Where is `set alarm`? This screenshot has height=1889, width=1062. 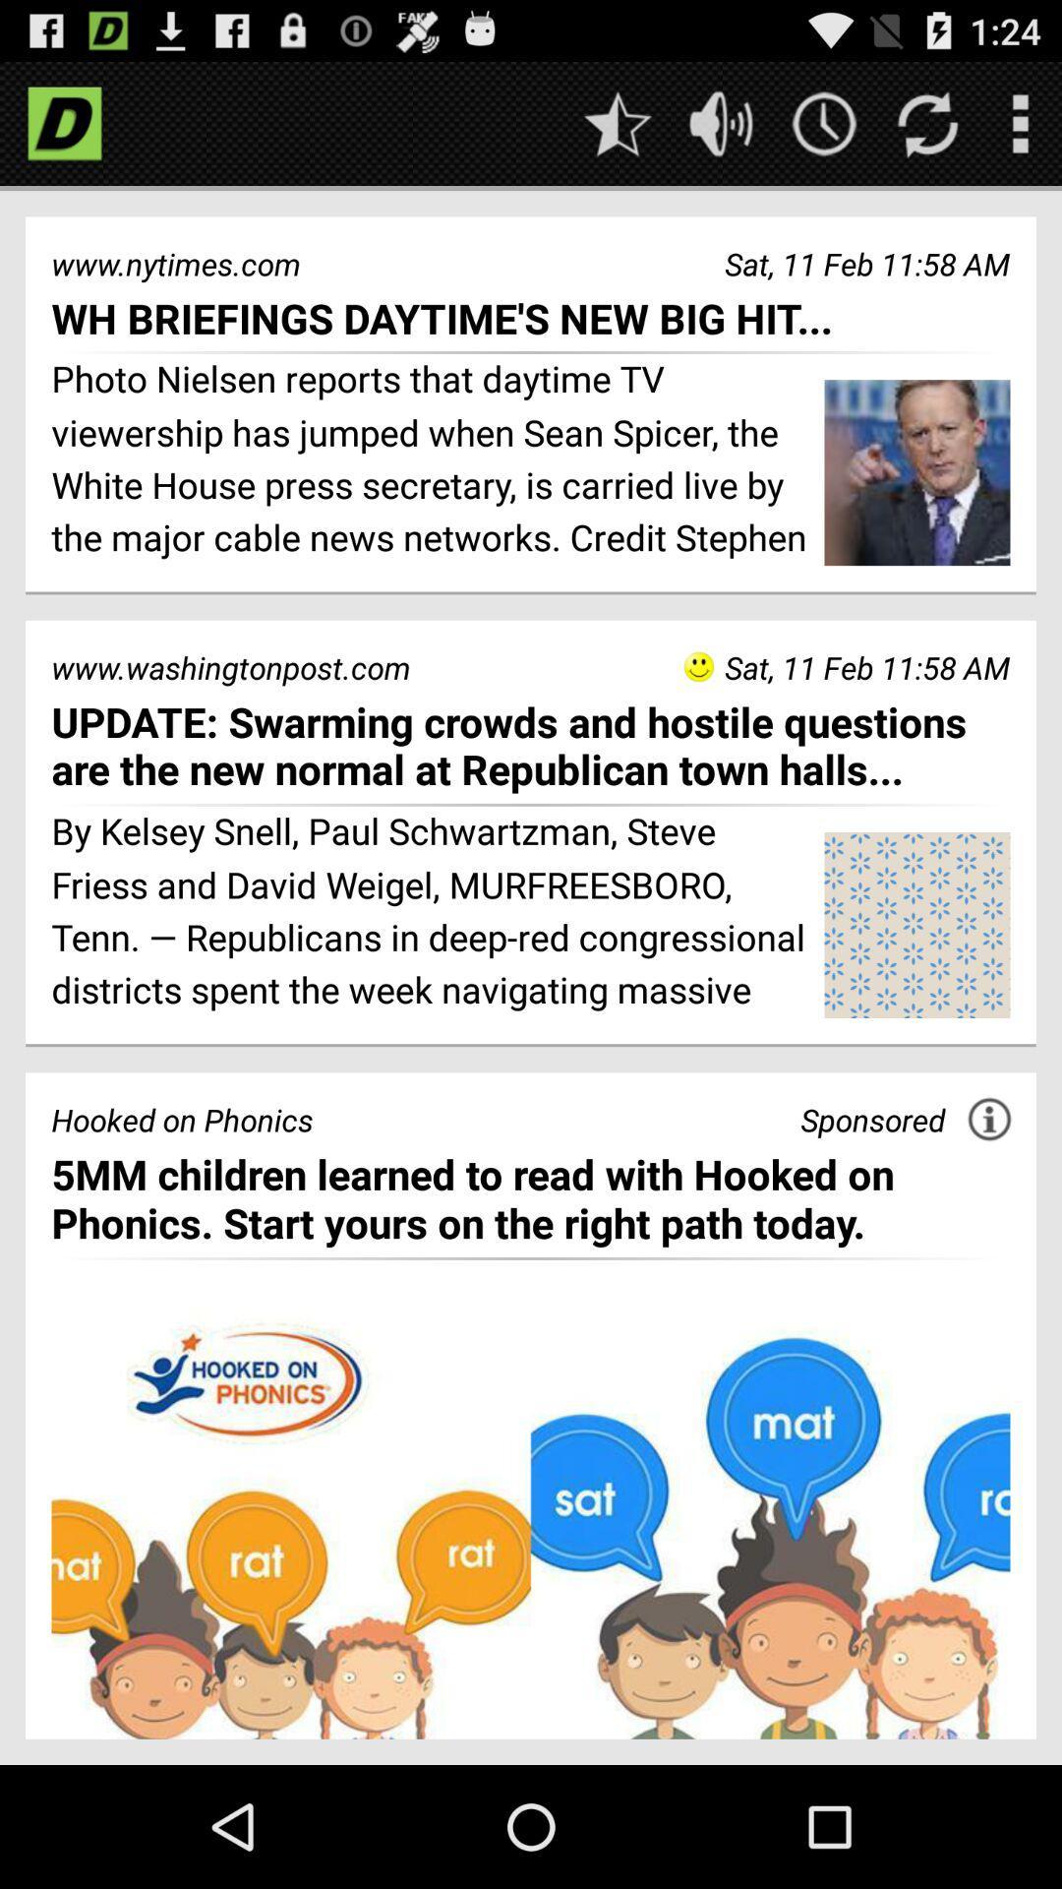
set alarm is located at coordinates (824, 122).